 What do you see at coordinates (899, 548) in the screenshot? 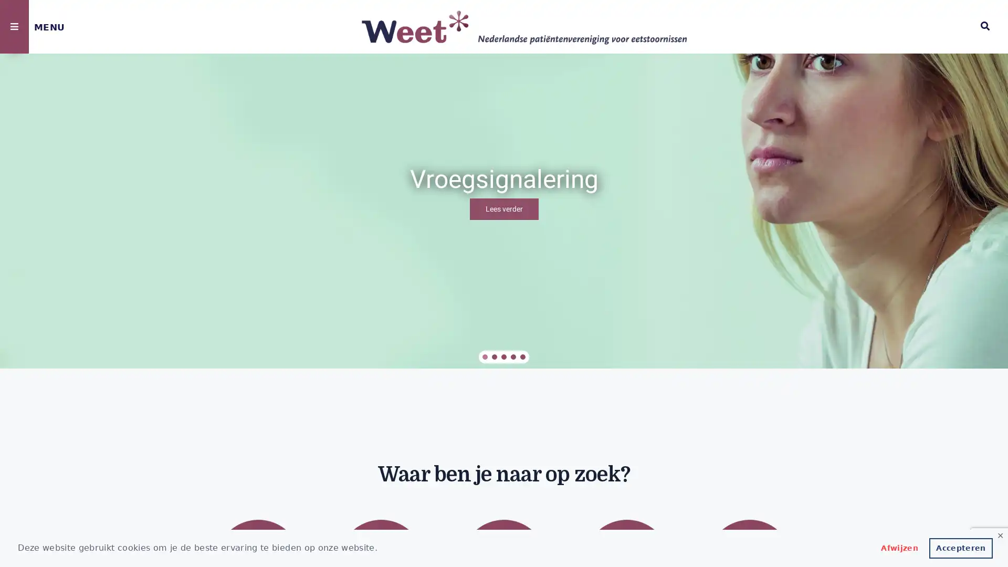
I see `deny cookies` at bounding box center [899, 548].